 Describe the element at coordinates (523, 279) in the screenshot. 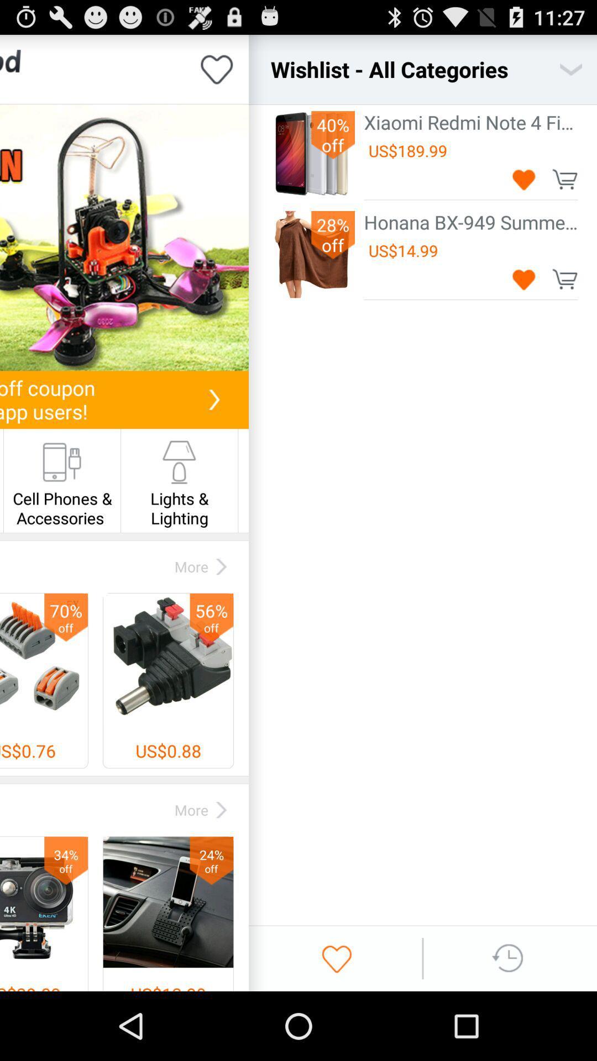

I see `to wishlist` at that location.